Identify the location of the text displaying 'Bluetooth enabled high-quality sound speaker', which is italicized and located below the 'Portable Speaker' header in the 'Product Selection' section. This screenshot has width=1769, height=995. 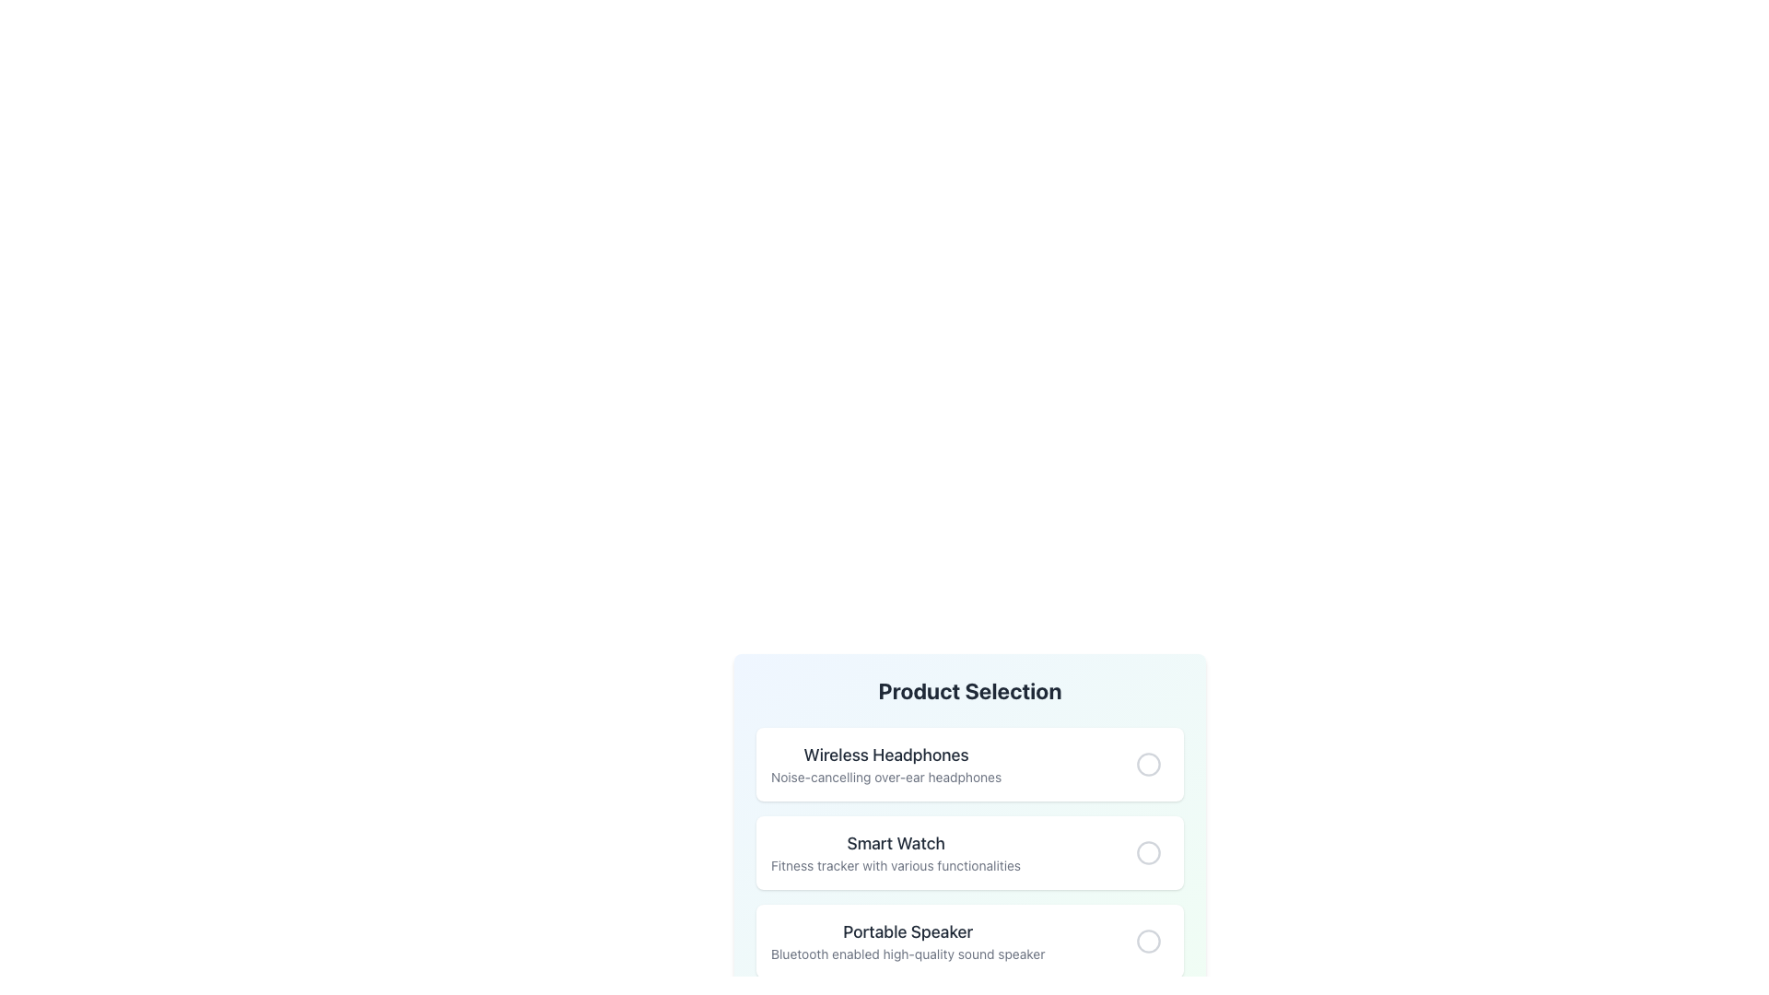
(908, 954).